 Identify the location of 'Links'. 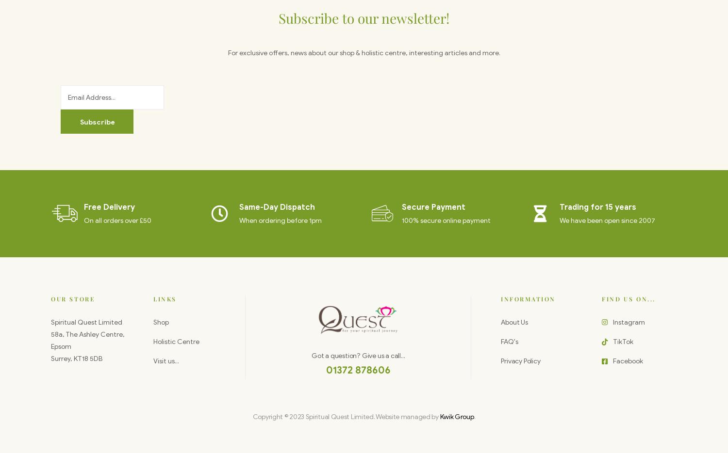
(165, 297).